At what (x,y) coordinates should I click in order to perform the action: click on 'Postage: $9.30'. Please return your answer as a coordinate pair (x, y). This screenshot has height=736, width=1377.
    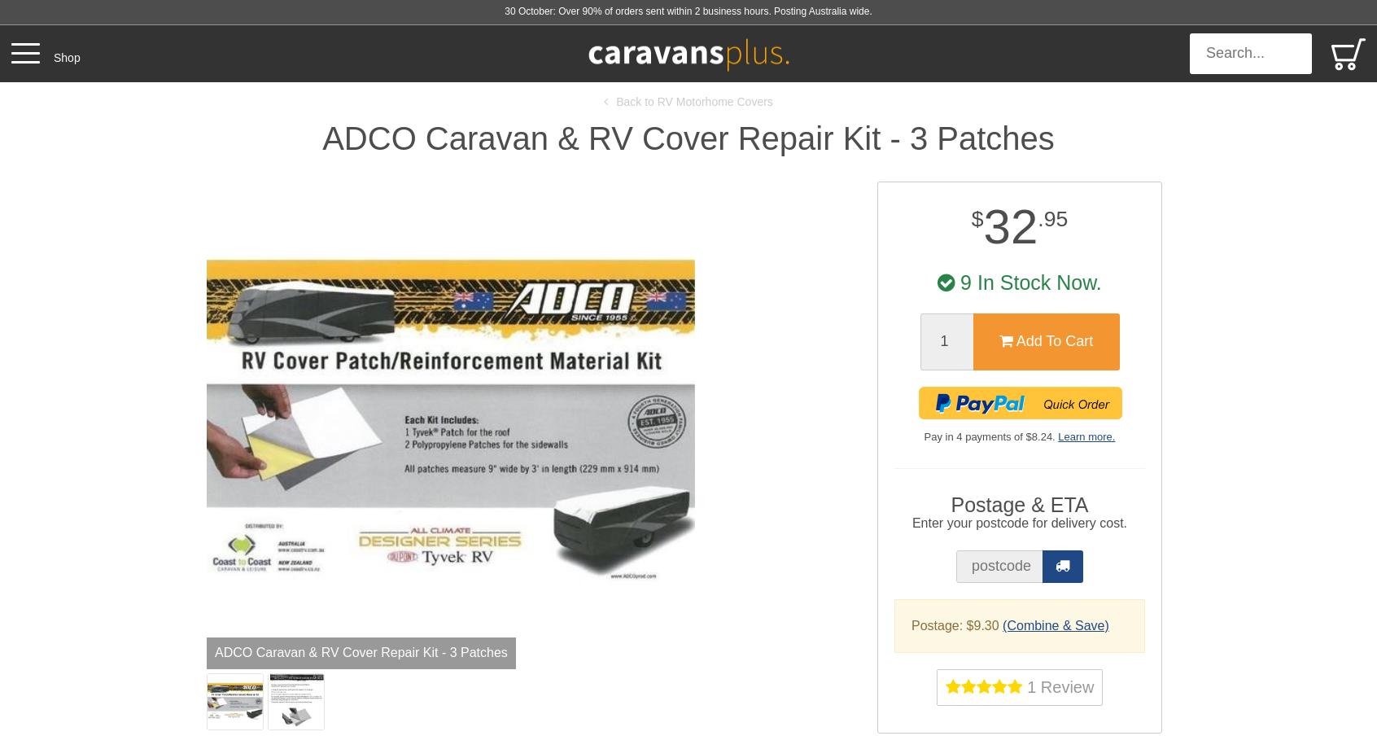
    Looking at the image, I should click on (955, 624).